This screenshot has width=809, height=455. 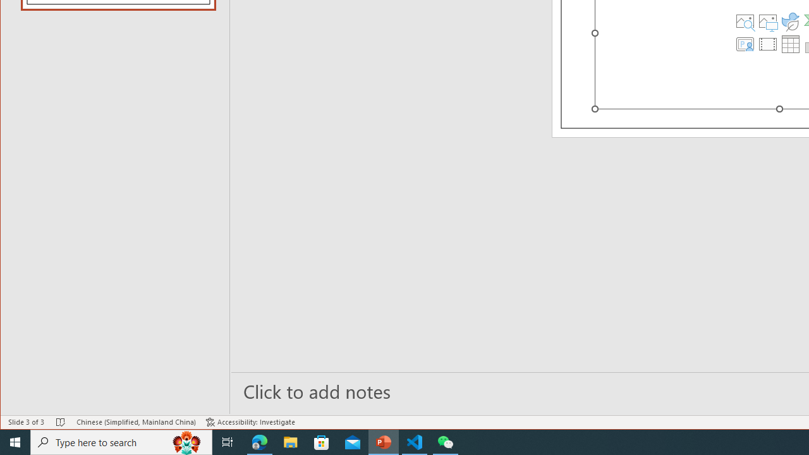 I want to click on 'Insert Table', so click(x=790, y=43).